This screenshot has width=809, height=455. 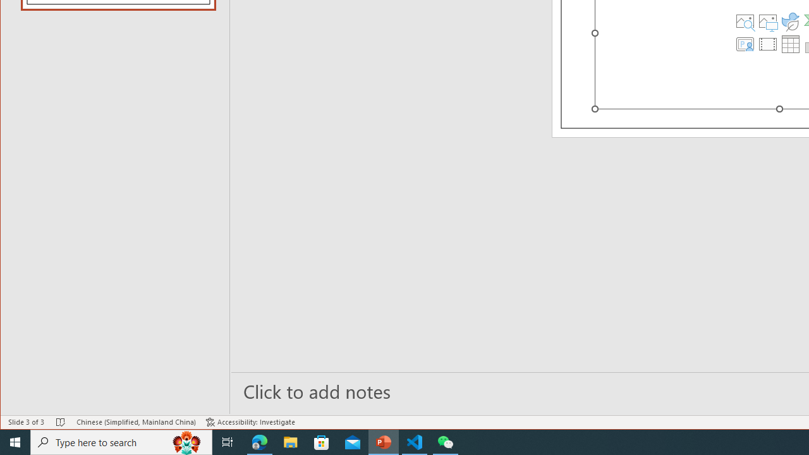 I want to click on 'Insert Table', so click(x=790, y=43).